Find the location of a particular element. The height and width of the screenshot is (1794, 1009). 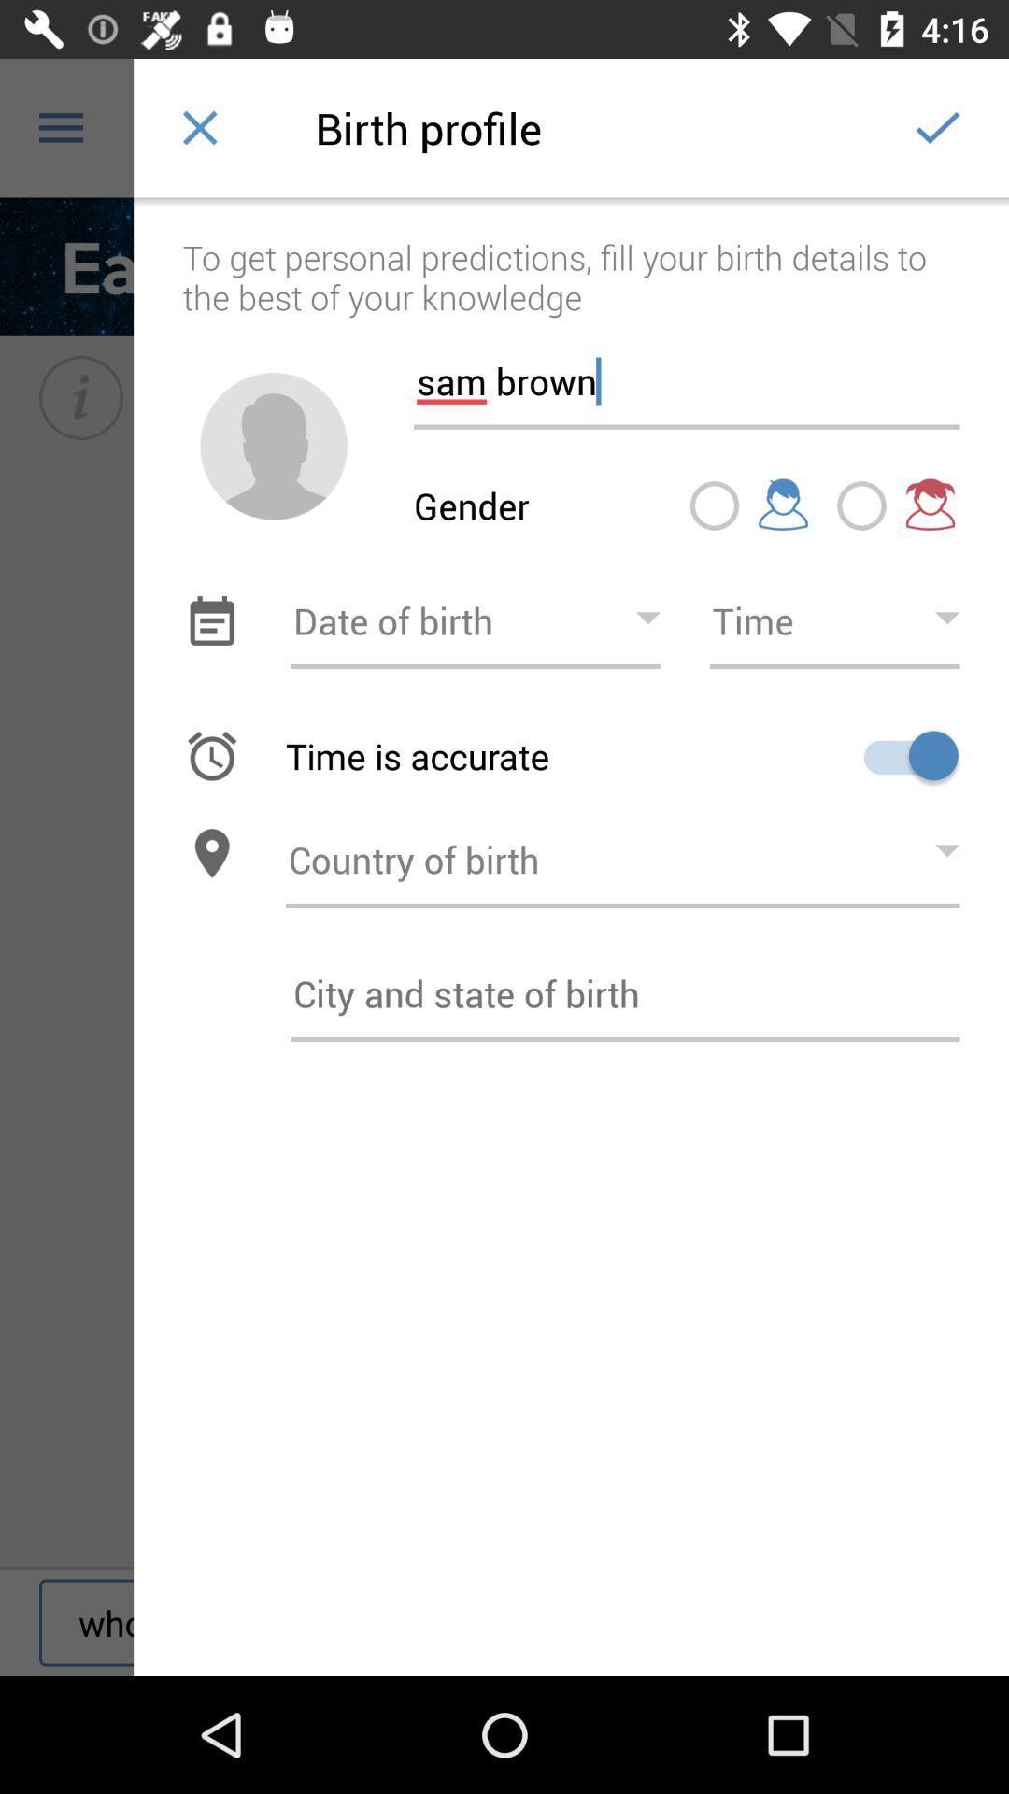

the icon next to the time is accurate icon is located at coordinates (903, 755).